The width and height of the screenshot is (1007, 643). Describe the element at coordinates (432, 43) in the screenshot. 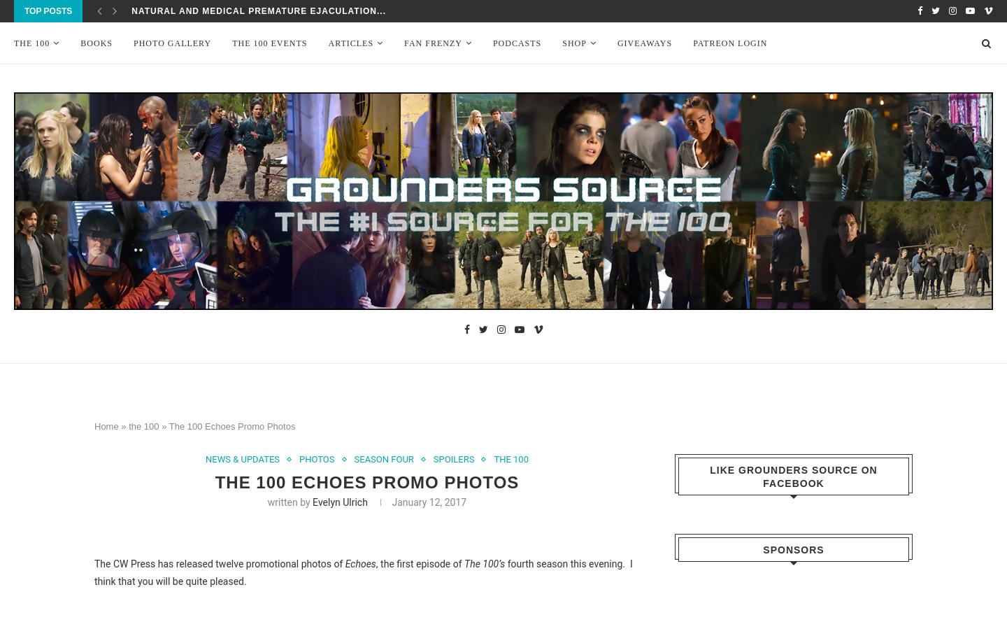

I see `'Fan Frenzy'` at that location.